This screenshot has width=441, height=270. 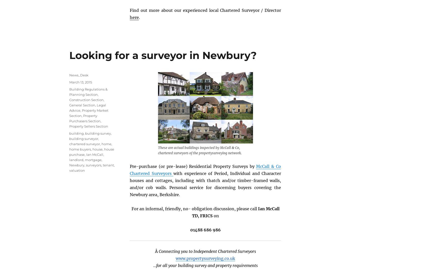 What do you see at coordinates (108, 164) in the screenshot?
I see `'tenant'` at bounding box center [108, 164].